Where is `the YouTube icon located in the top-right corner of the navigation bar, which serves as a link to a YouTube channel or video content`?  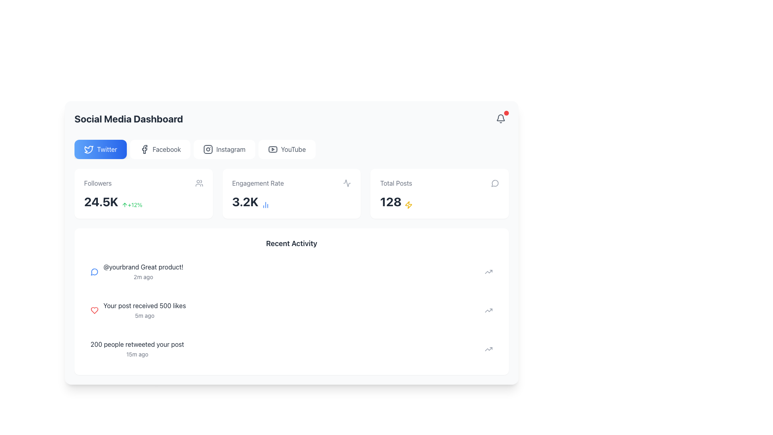
the YouTube icon located in the top-right corner of the navigation bar, which serves as a link to a YouTube channel or video content is located at coordinates (273, 149).